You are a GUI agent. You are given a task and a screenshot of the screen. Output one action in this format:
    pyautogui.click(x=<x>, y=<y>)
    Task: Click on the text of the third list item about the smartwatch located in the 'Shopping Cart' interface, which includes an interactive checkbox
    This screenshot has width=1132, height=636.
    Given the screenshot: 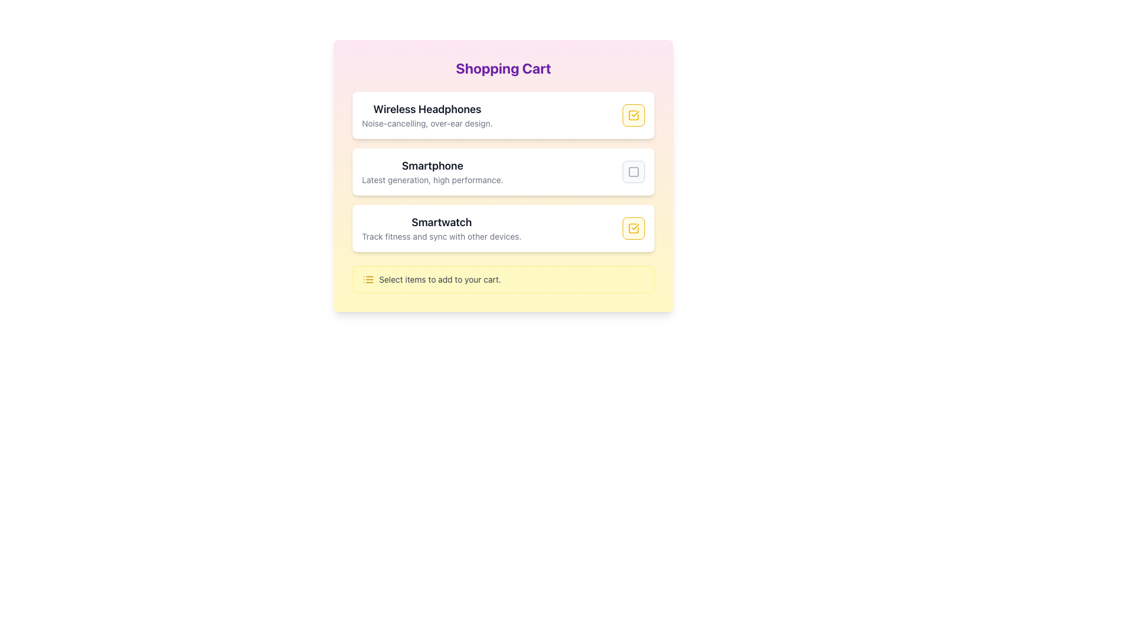 What is the action you would take?
    pyautogui.click(x=504, y=228)
    